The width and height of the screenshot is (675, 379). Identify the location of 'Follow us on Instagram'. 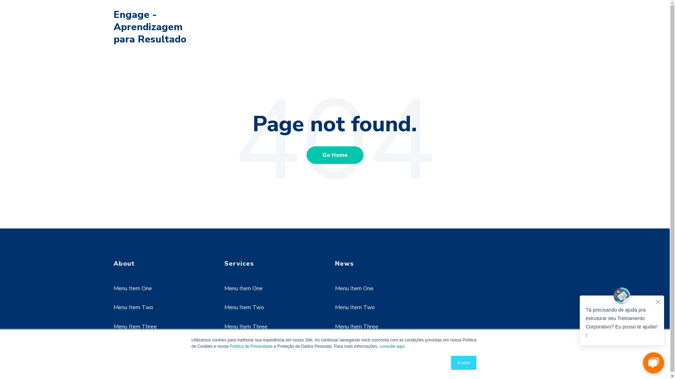
(173, 356).